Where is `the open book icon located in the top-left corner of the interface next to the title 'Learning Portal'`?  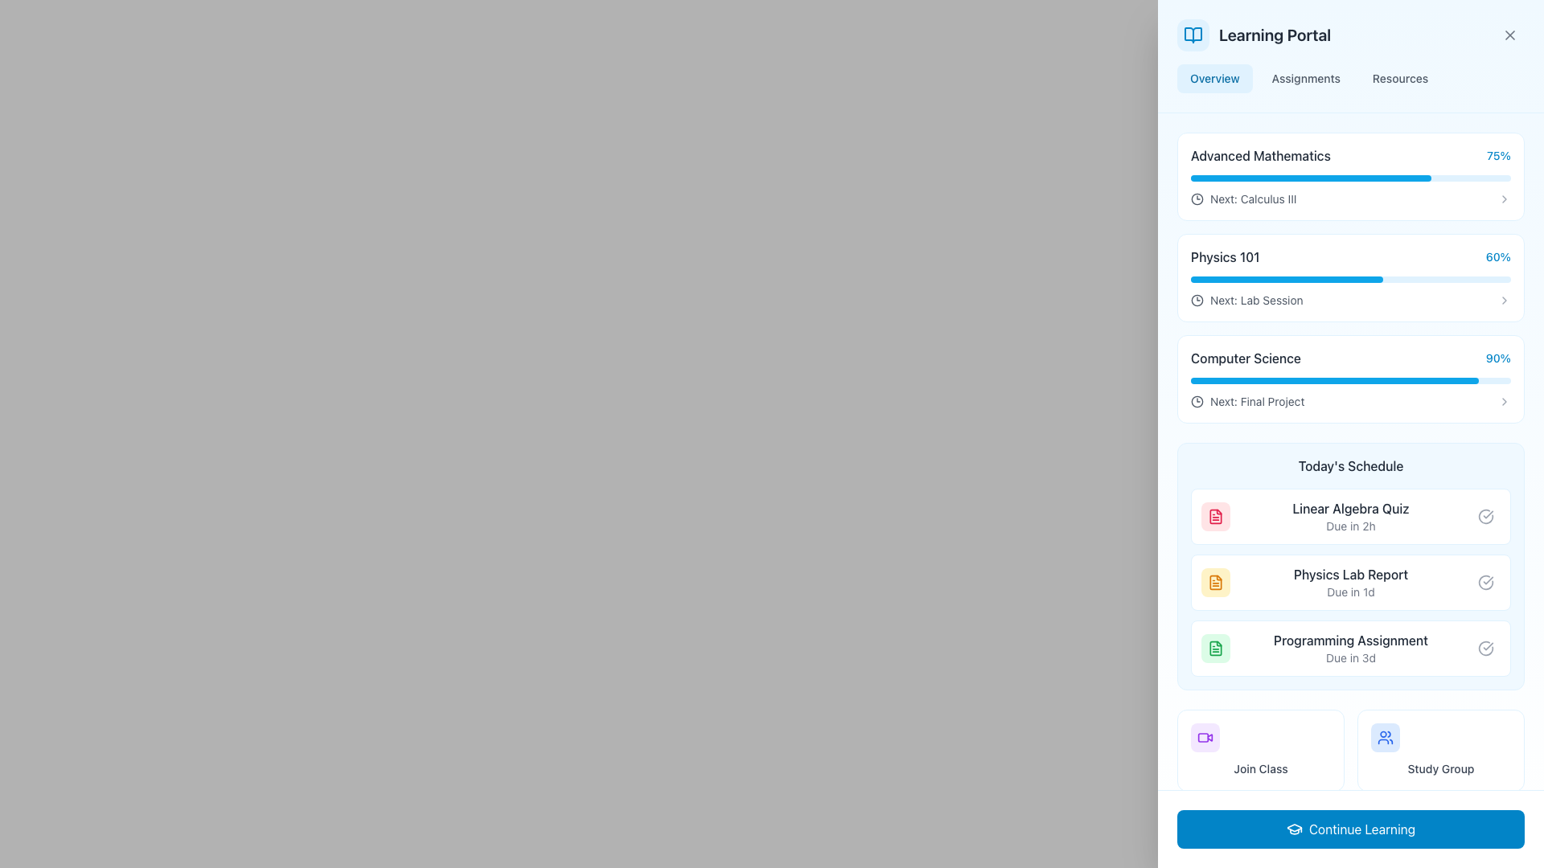
the open book icon located in the top-left corner of the interface next to the title 'Learning Portal' is located at coordinates (1193, 35).